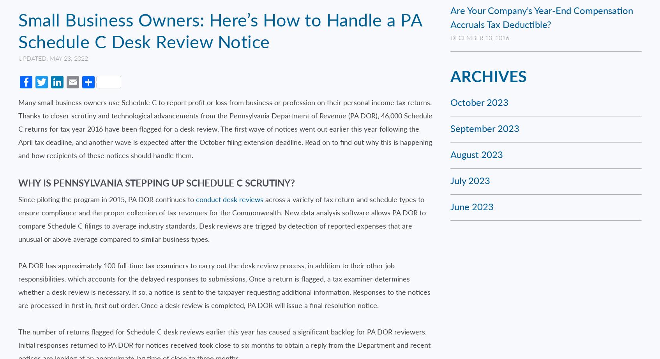  What do you see at coordinates (224, 284) in the screenshot?
I see `'PA DOR has approximately 100 full-time tax examiners to carry out the desk review process, in addition to their other job responsibilities, which accounts for the delayed responses to submissions. Once a return is flagged, a tax examiner determines whether a desk review is necessary. If so, a notice is sent to the taxpayer requesting additional information. Responses to the notices are processed in first in, first out order. Once a desk review is completed, PA DOR will issue a final resolution notice.'` at bounding box center [224, 284].